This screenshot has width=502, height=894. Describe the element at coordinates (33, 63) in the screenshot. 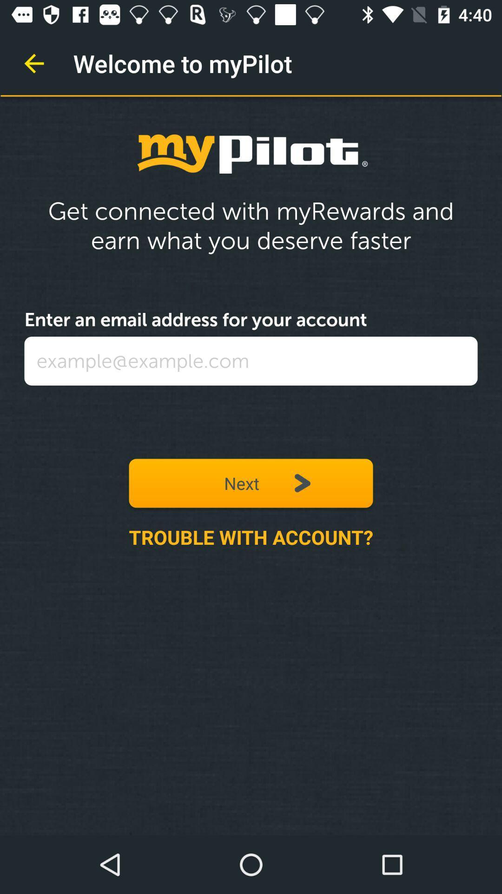

I see `the app to the left of the welcome to mypilot item` at that location.